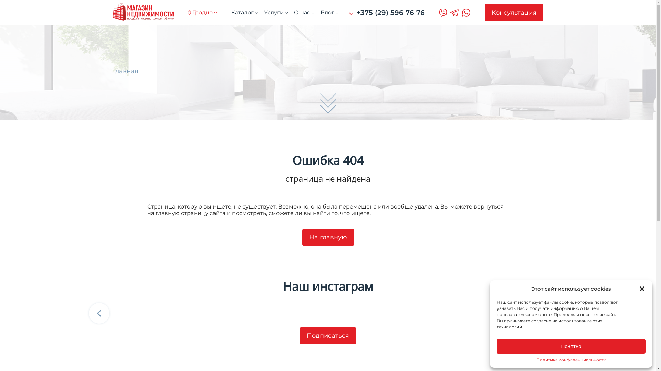  I want to click on '+375 (29) 596 76 76', so click(386, 13).